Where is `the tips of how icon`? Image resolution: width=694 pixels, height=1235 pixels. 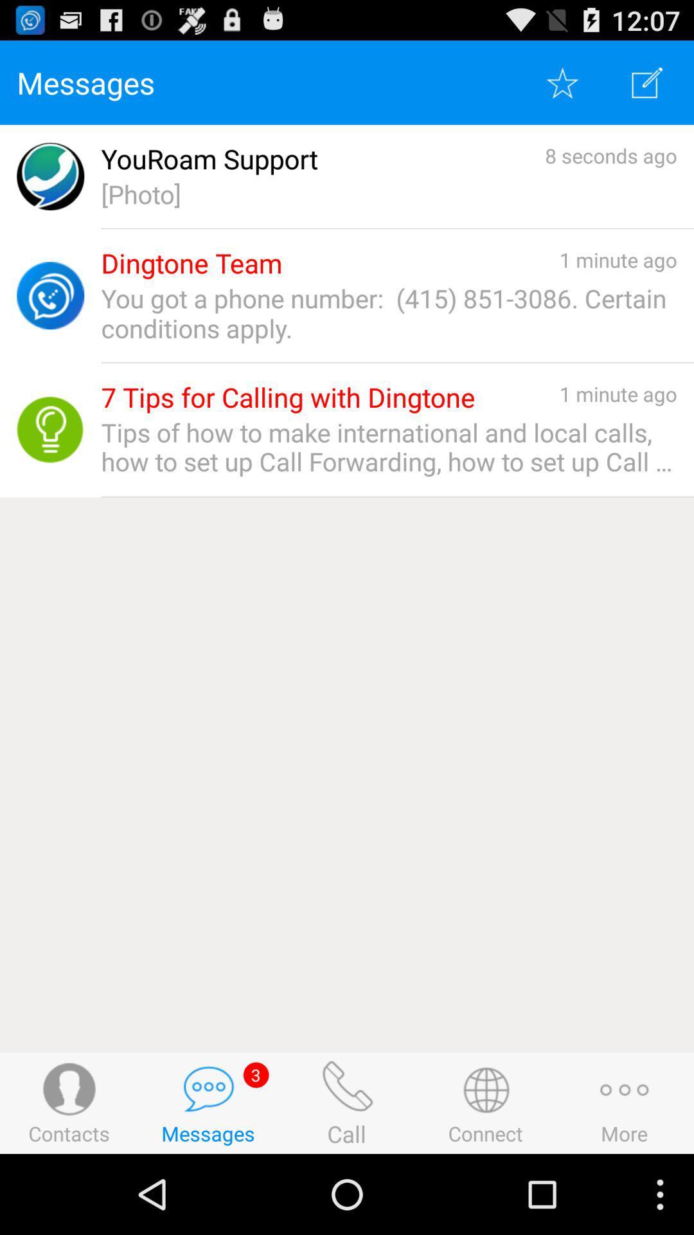 the tips of how icon is located at coordinates (388, 447).